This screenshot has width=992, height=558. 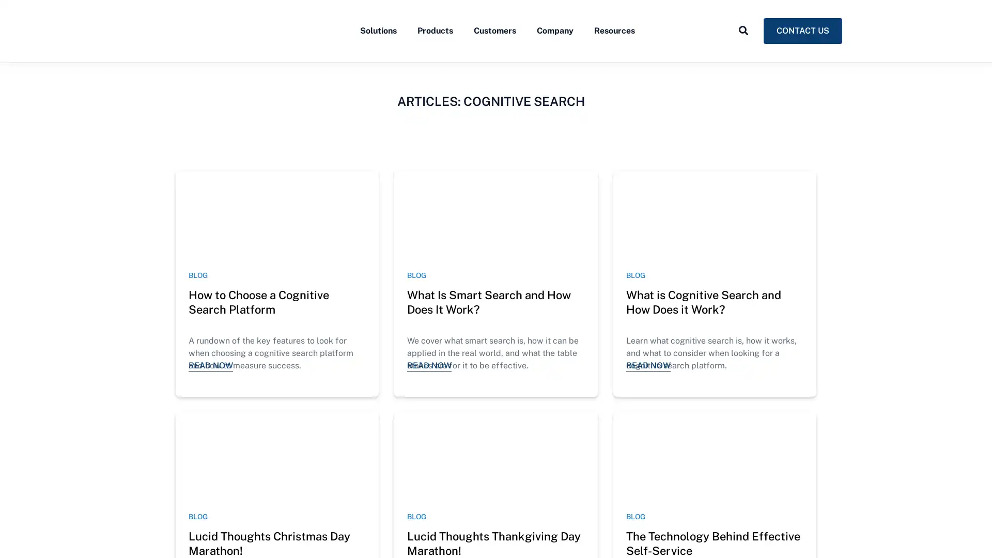 What do you see at coordinates (743, 53) in the screenshot?
I see `TOGGLE DROPDOWN` at bounding box center [743, 53].